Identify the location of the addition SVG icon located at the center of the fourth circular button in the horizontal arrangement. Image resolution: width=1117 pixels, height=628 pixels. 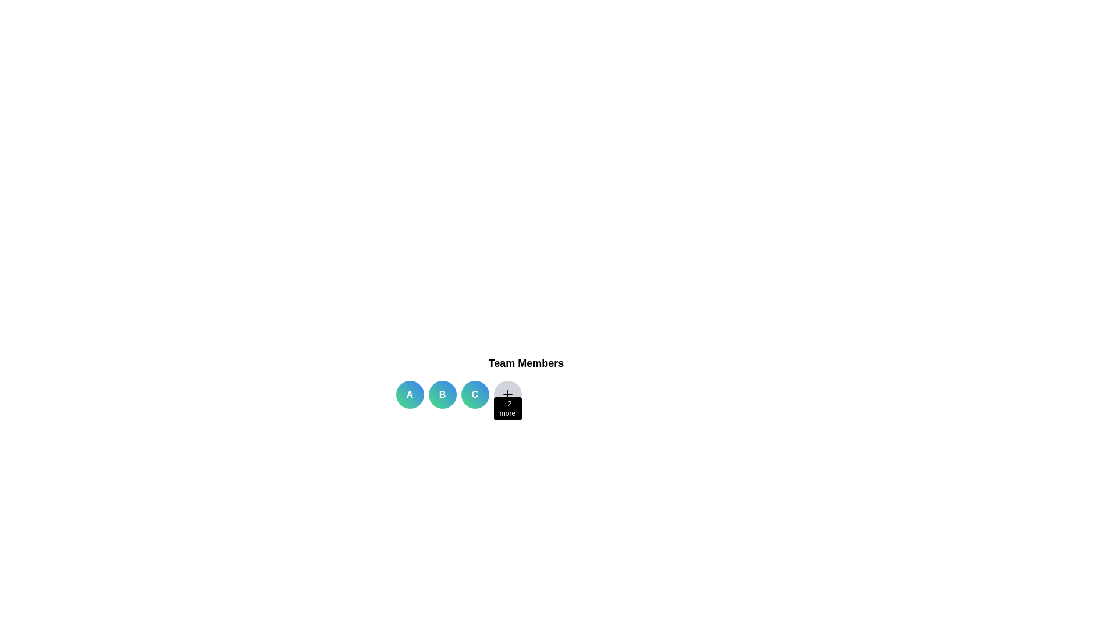
(507, 394).